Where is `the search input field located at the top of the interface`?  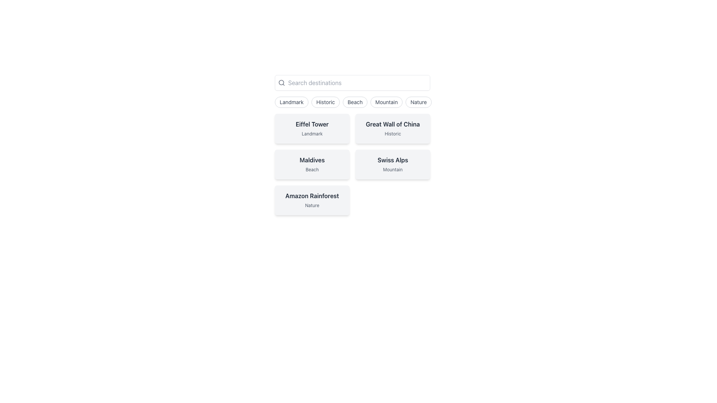 the search input field located at the top of the interface is located at coordinates (352, 83).